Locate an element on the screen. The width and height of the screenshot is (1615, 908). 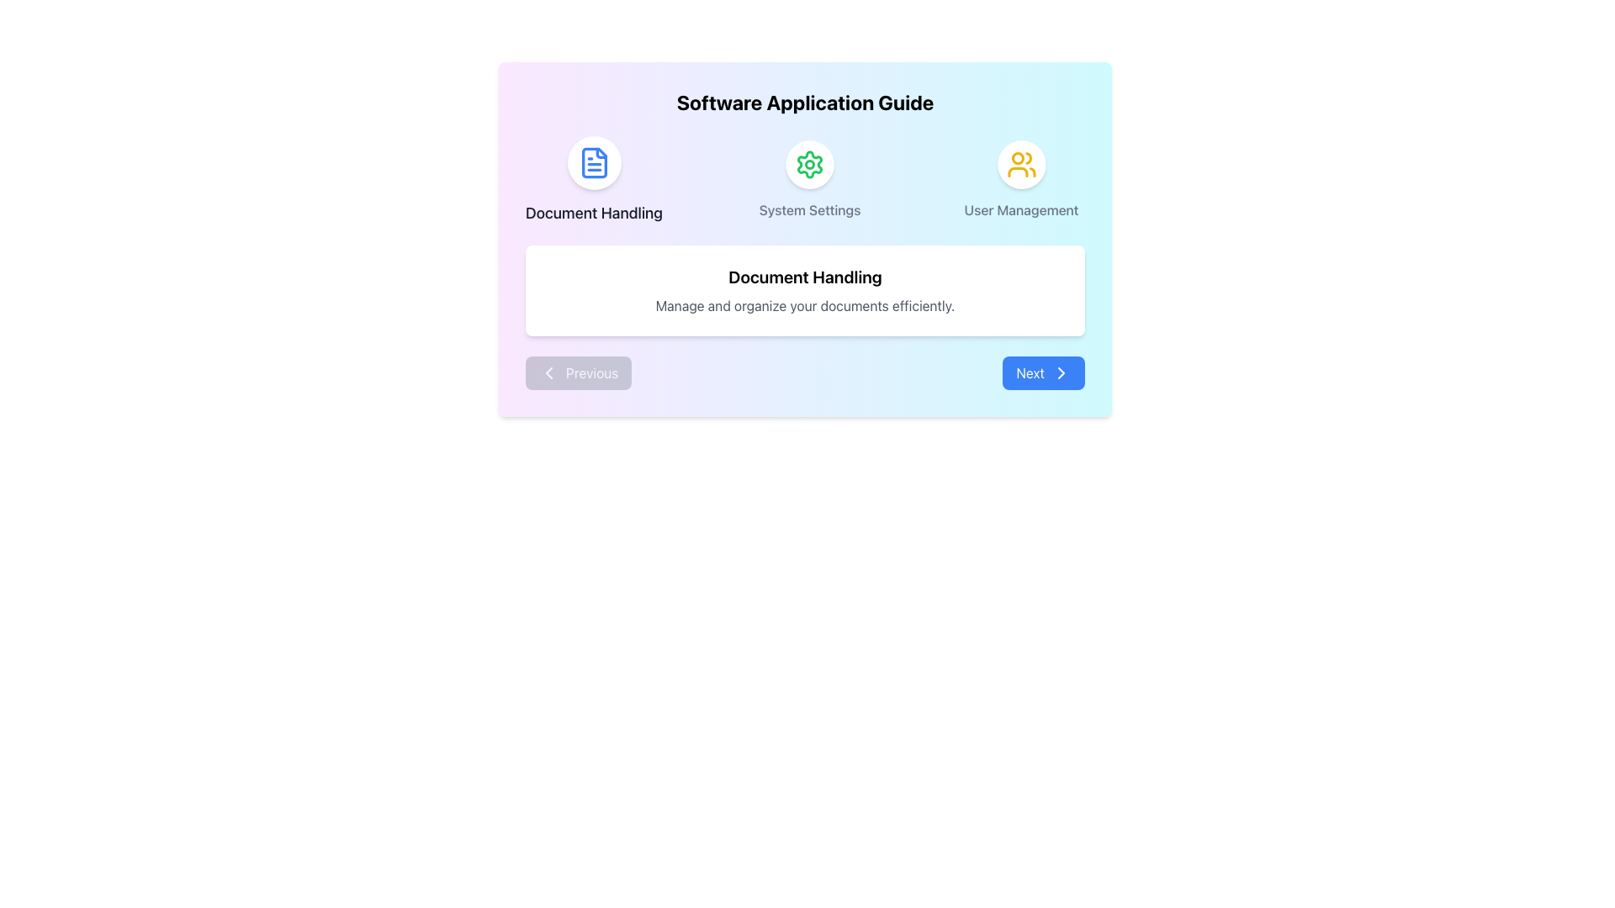
the 'System Settings' button, which features a green cogwheel icon and a gray text label is located at coordinates (804, 181).